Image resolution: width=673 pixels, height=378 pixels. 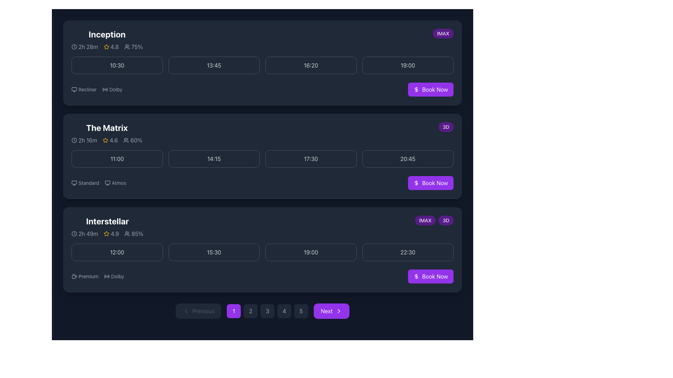 I want to click on the title in the Informational display panel for the movie 'Interstellar', so click(x=107, y=227).